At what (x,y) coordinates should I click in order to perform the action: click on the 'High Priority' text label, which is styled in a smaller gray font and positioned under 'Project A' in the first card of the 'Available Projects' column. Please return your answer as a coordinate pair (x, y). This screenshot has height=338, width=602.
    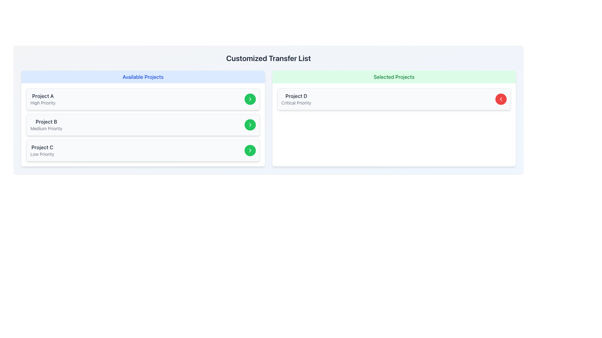
    Looking at the image, I should click on (43, 102).